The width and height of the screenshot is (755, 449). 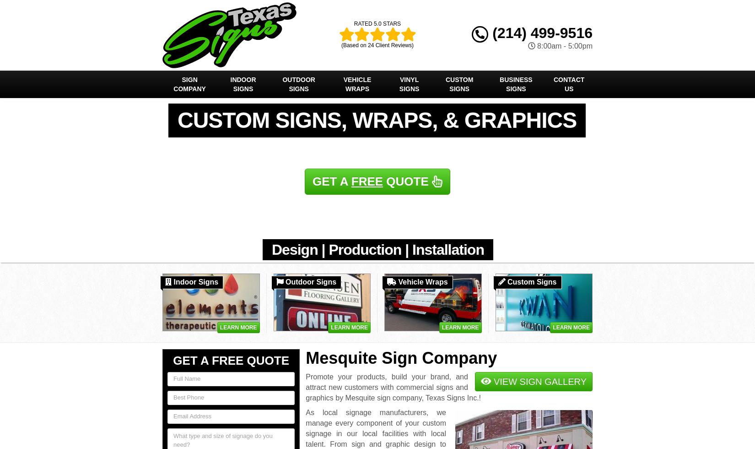 What do you see at coordinates (305, 358) in the screenshot?
I see `'Mesquite Sign Company'` at bounding box center [305, 358].